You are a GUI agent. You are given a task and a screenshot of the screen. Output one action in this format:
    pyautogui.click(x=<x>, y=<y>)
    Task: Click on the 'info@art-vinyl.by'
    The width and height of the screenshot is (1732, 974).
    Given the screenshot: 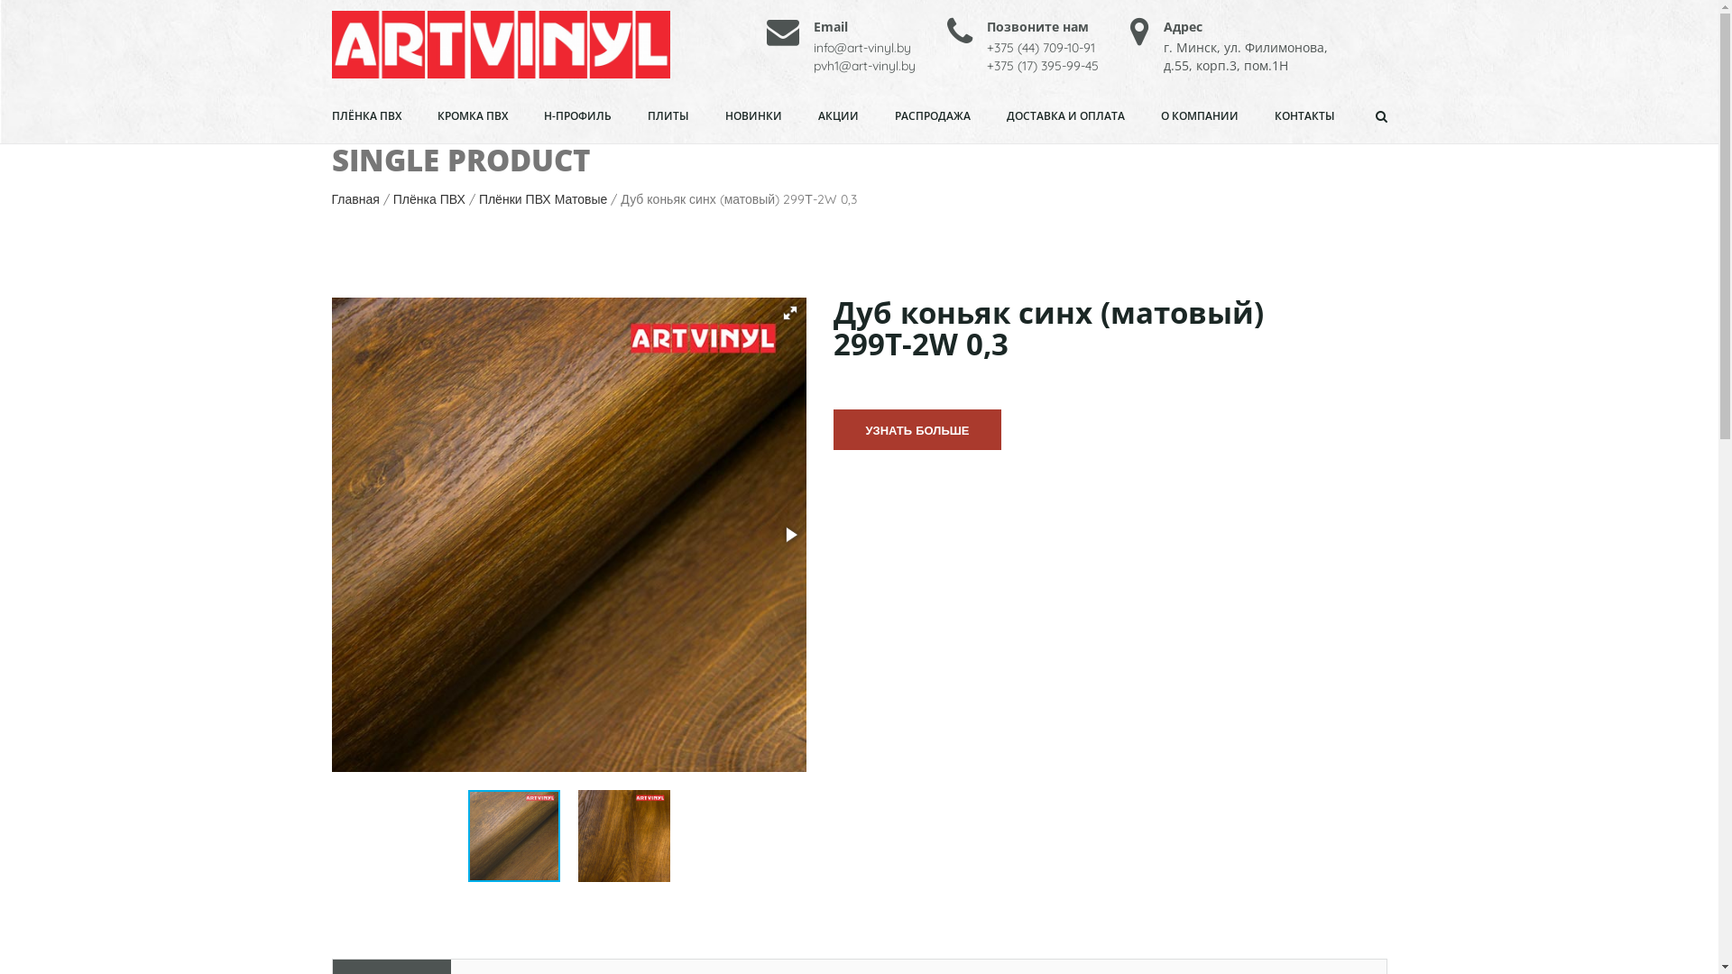 What is the action you would take?
    pyautogui.click(x=861, y=47)
    